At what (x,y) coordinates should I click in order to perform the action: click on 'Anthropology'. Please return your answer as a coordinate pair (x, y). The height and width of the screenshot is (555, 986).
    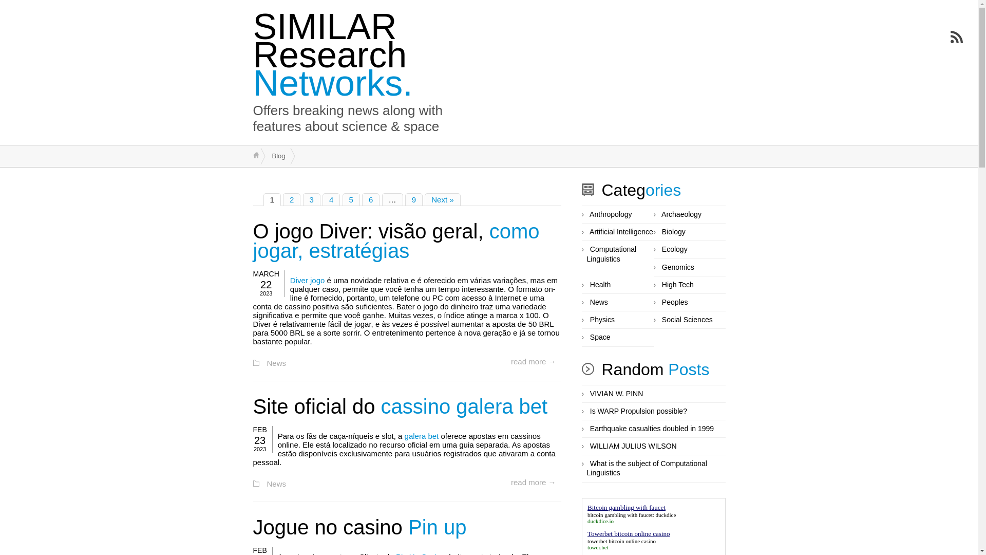
    Looking at the image, I should click on (611, 214).